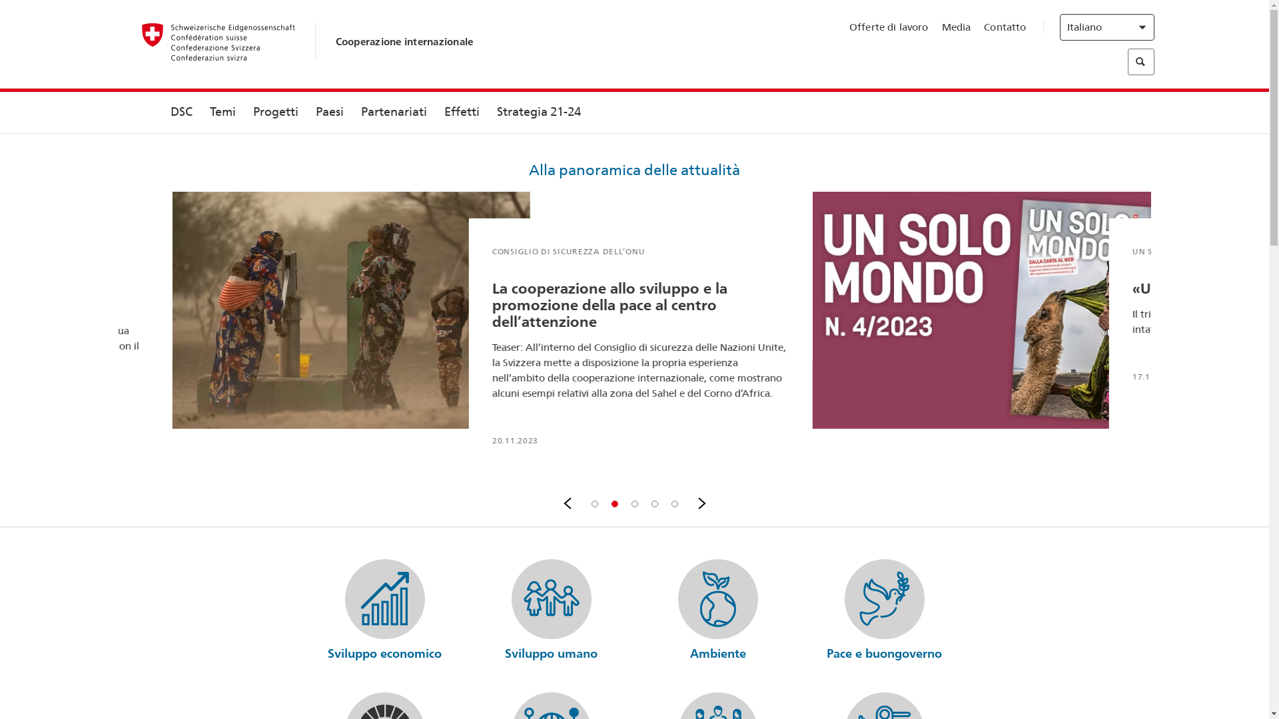  Describe the element at coordinates (462, 112) in the screenshot. I see `'Effetti'` at that location.